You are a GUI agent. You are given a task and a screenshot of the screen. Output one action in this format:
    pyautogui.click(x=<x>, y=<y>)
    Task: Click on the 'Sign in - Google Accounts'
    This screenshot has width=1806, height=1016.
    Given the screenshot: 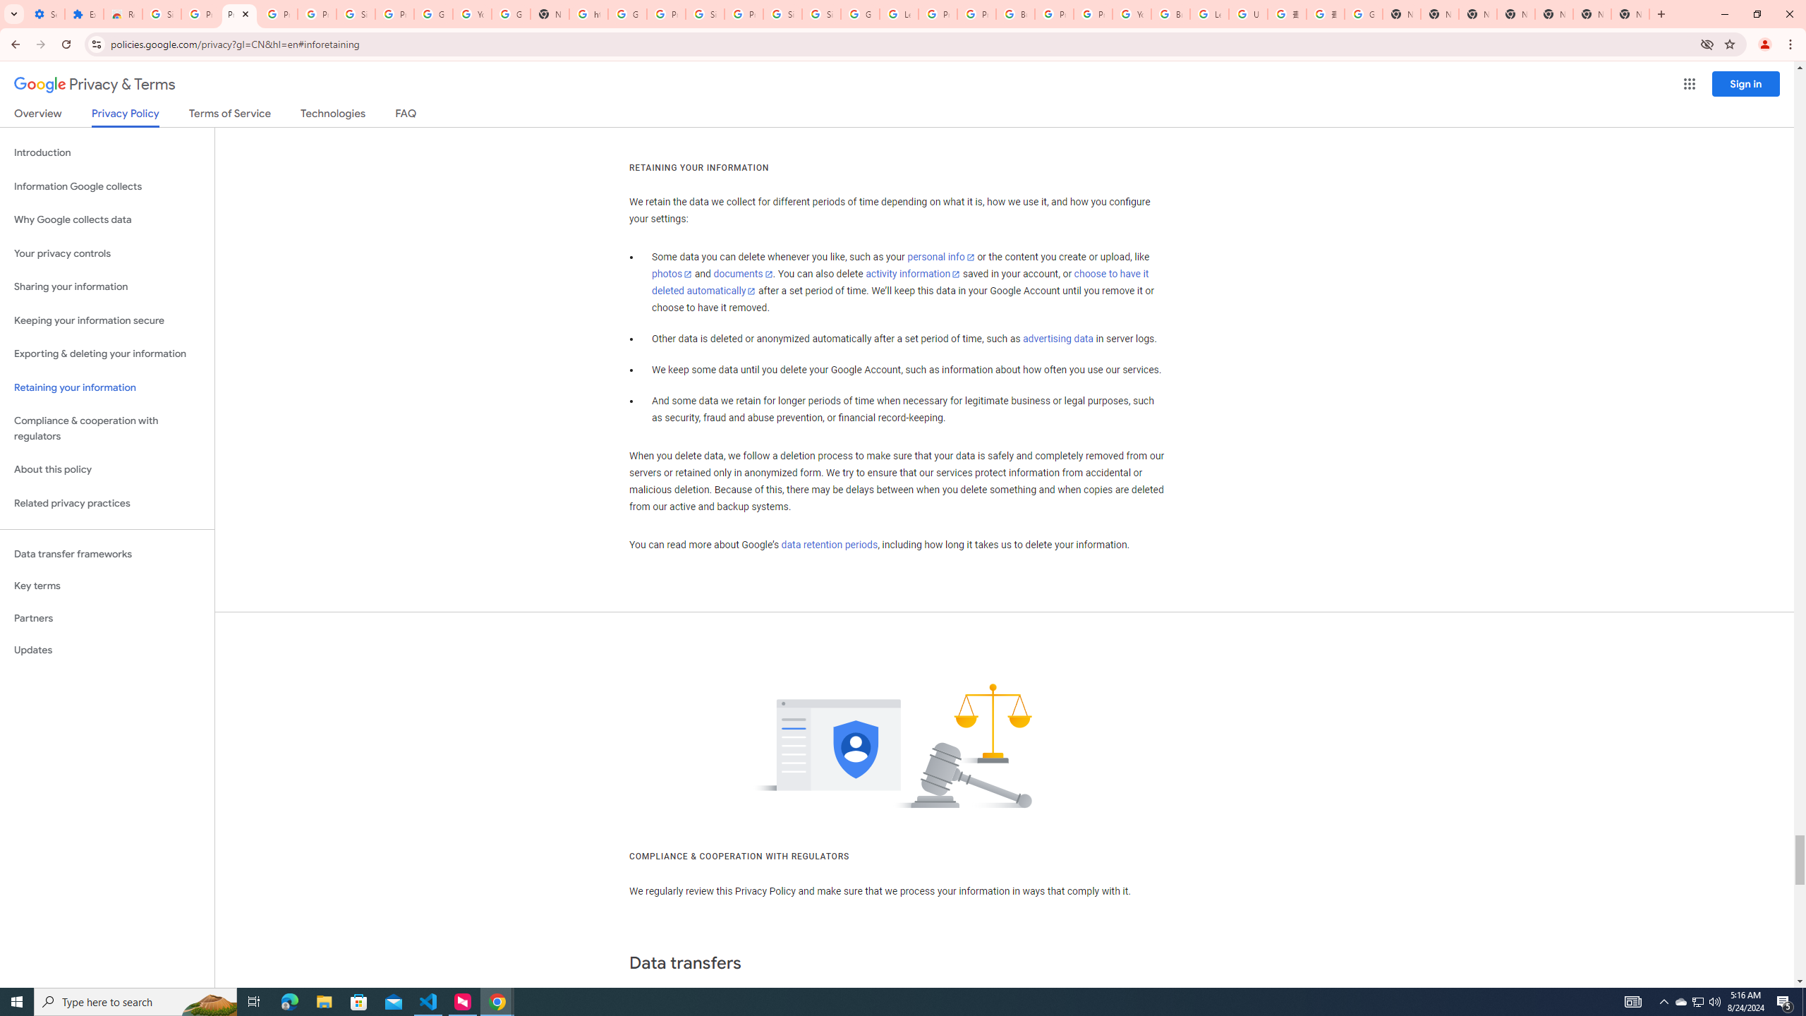 What is the action you would take?
    pyautogui.click(x=704, y=13)
    